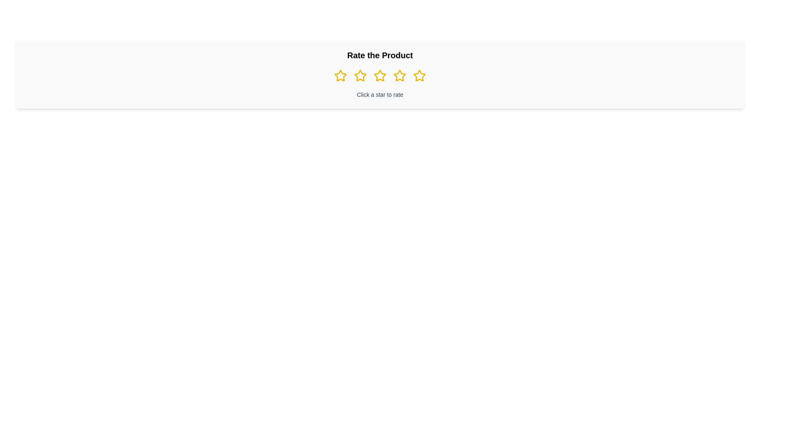 This screenshot has height=443, width=789. I want to click on the third yellow star icon from the left, indicating an active rating state, located under the 'Rate the Product' header, so click(380, 76).